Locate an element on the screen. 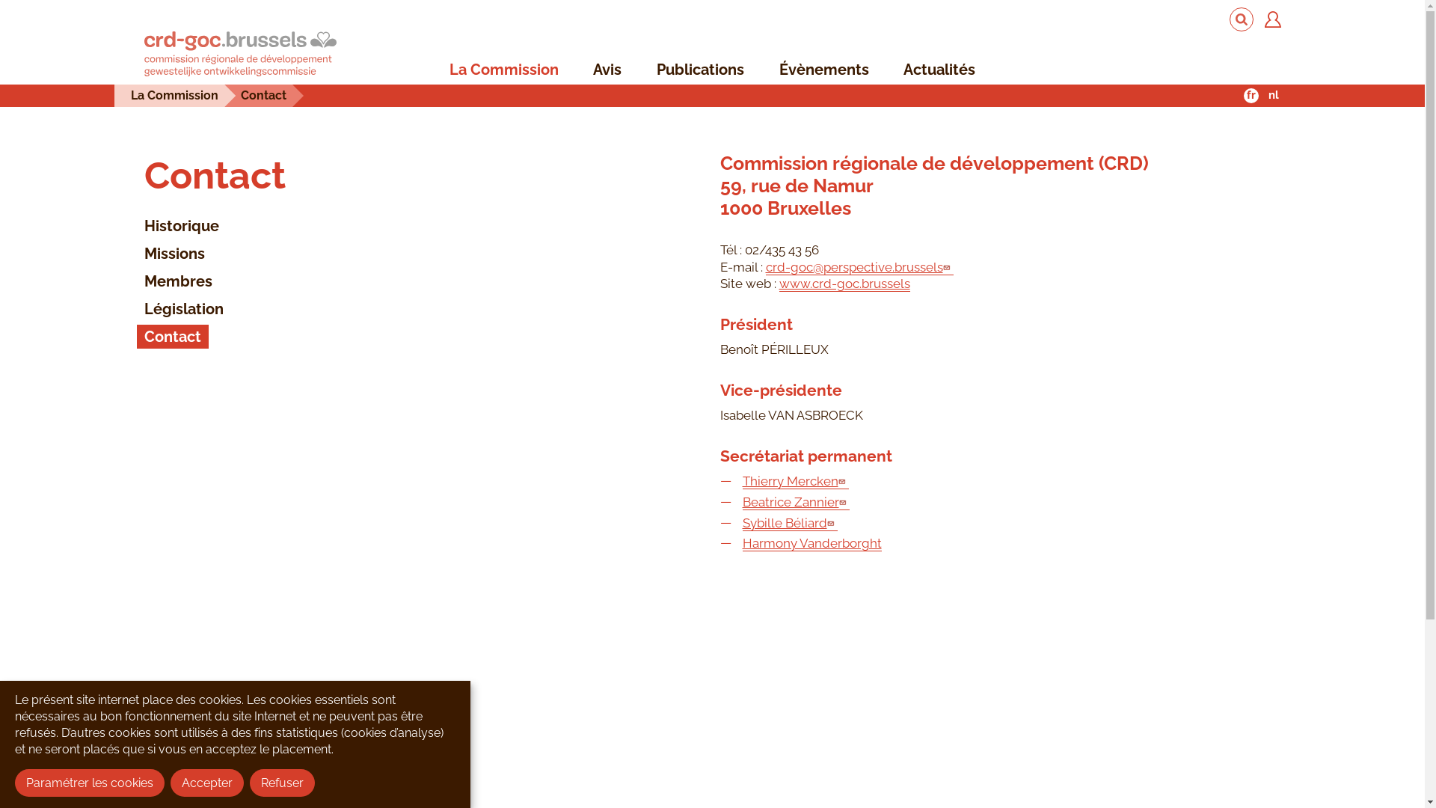  'La Commission' is located at coordinates (174, 95).